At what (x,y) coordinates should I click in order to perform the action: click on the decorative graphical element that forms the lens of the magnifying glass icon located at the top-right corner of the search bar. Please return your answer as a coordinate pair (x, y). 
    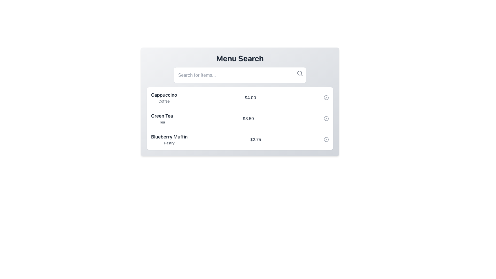
    Looking at the image, I should click on (300, 73).